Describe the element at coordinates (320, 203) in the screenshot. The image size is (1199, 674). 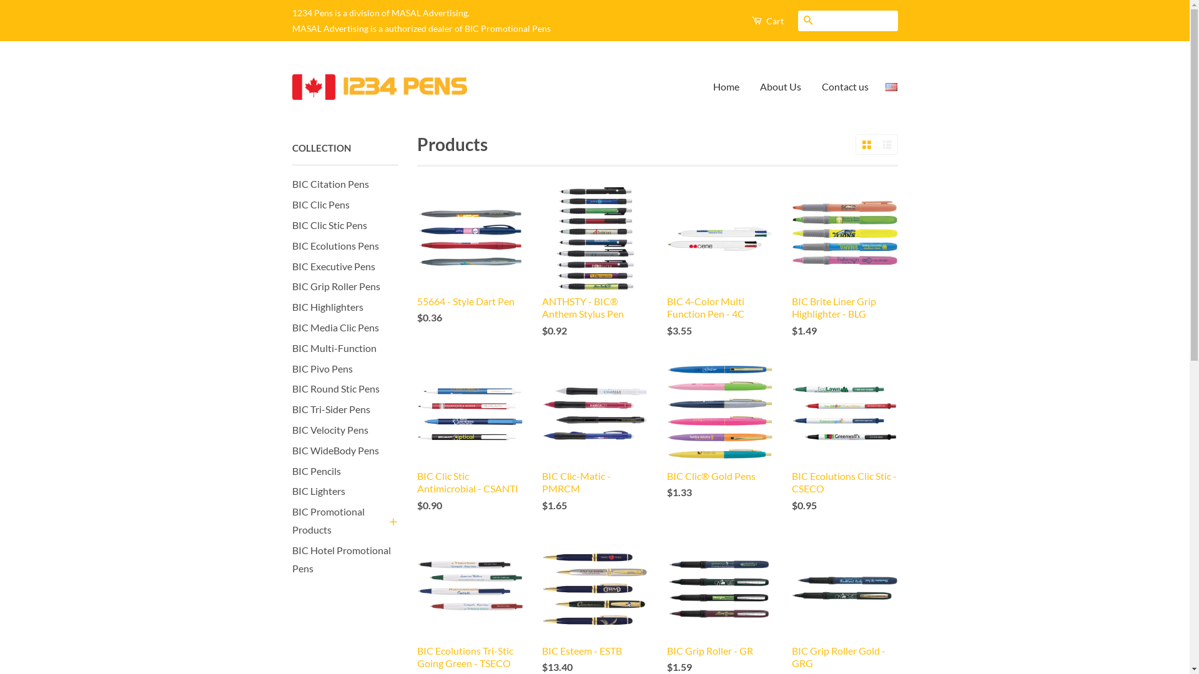
I see `'BIC Clic Pens'` at that location.